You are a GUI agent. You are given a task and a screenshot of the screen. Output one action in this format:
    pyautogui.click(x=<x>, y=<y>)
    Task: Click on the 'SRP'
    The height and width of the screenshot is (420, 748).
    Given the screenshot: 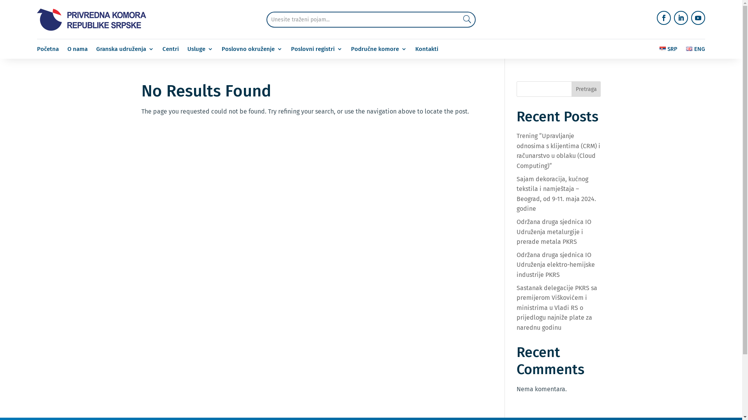 What is the action you would take?
    pyautogui.click(x=668, y=51)
    